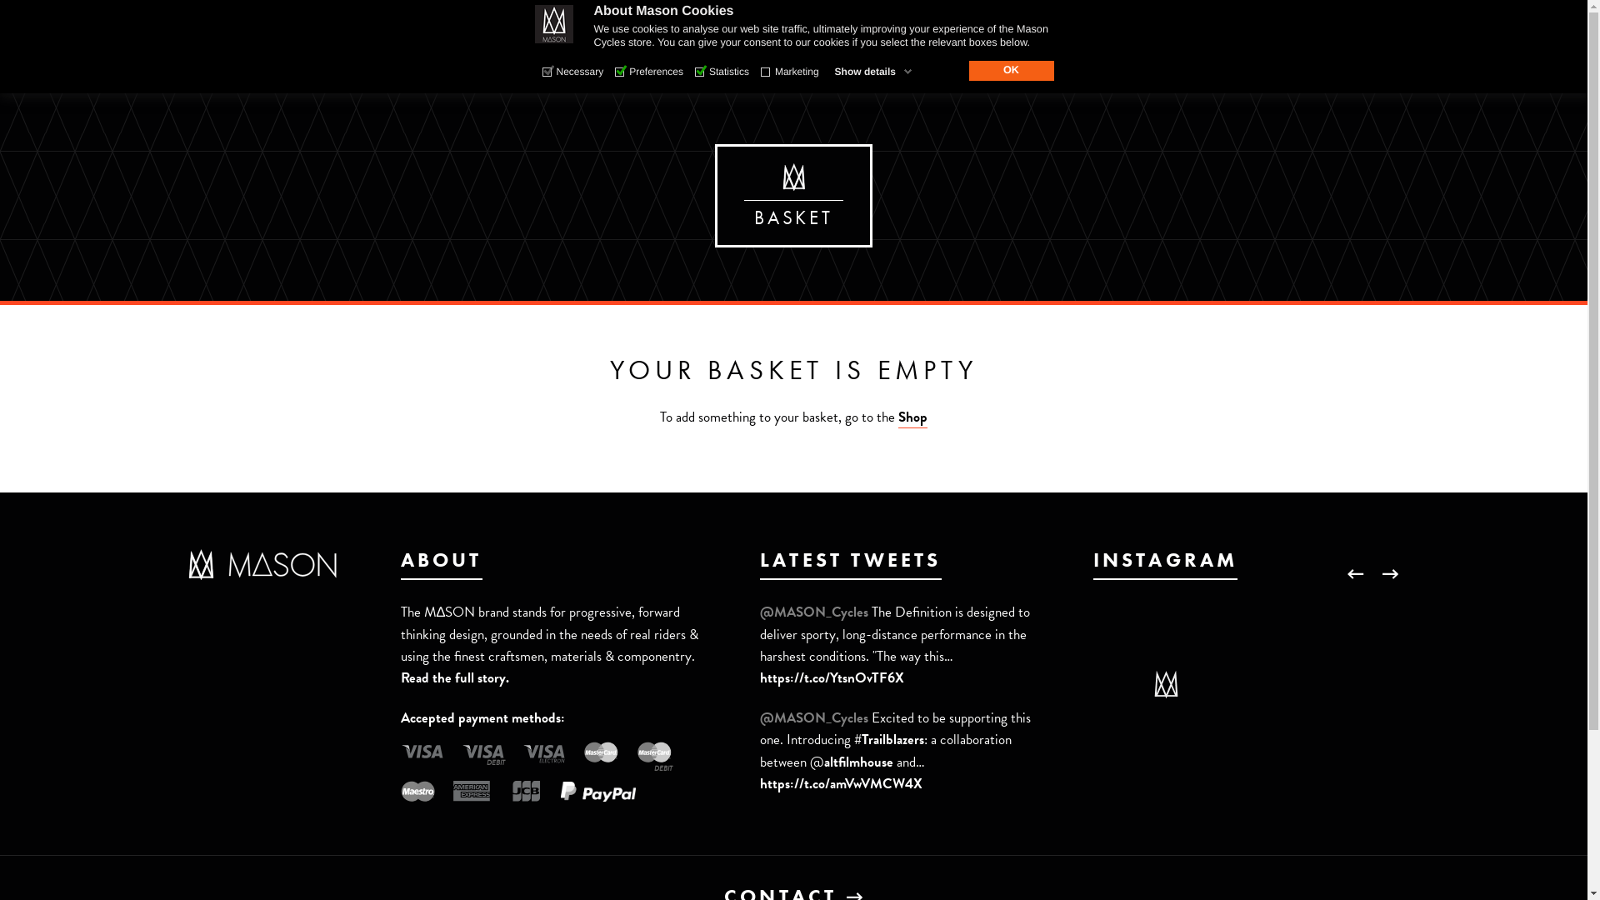 This screenshot has width=1600, height=900. Describe the element at coordinates (967, 60) in the screenshot. I see `'BLOG'` at that location.